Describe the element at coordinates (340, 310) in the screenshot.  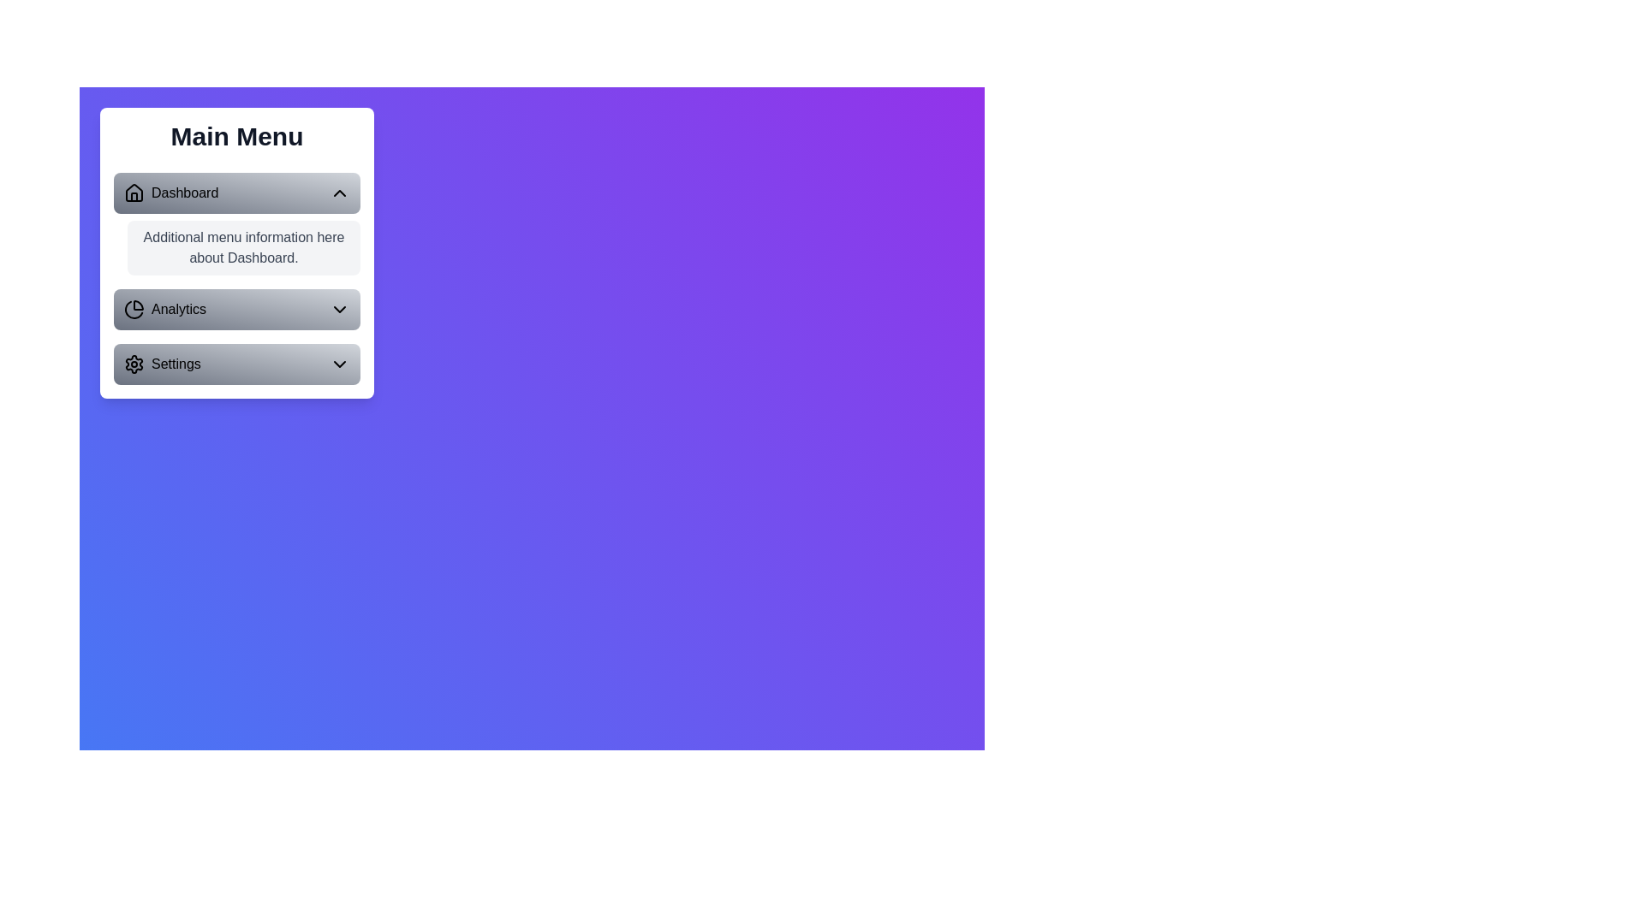
I see `the downward chevron arrow icon located on the right side of the 'Analytics' menu item` at that location.